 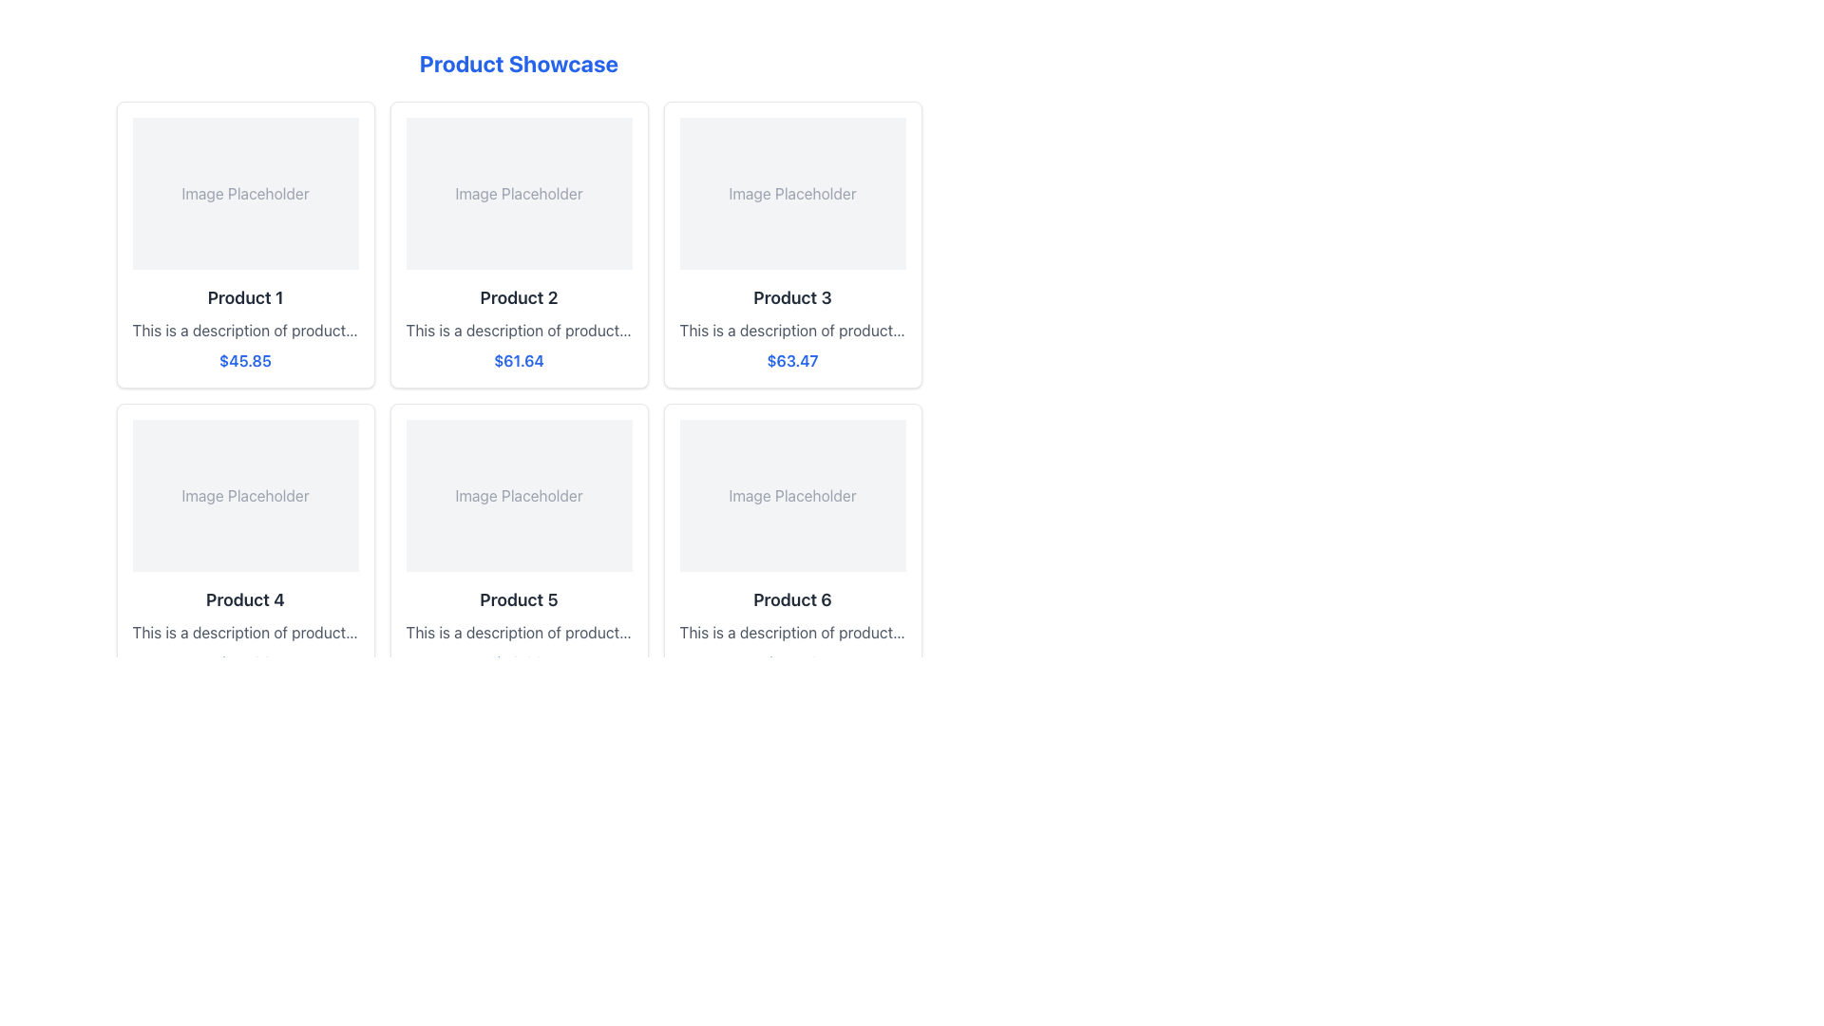 I want to click on the static text displaying the value '$45.85' in blue, which is part of the product card for 'Product 1' and is located below the product description, so click(x=244, y=361).